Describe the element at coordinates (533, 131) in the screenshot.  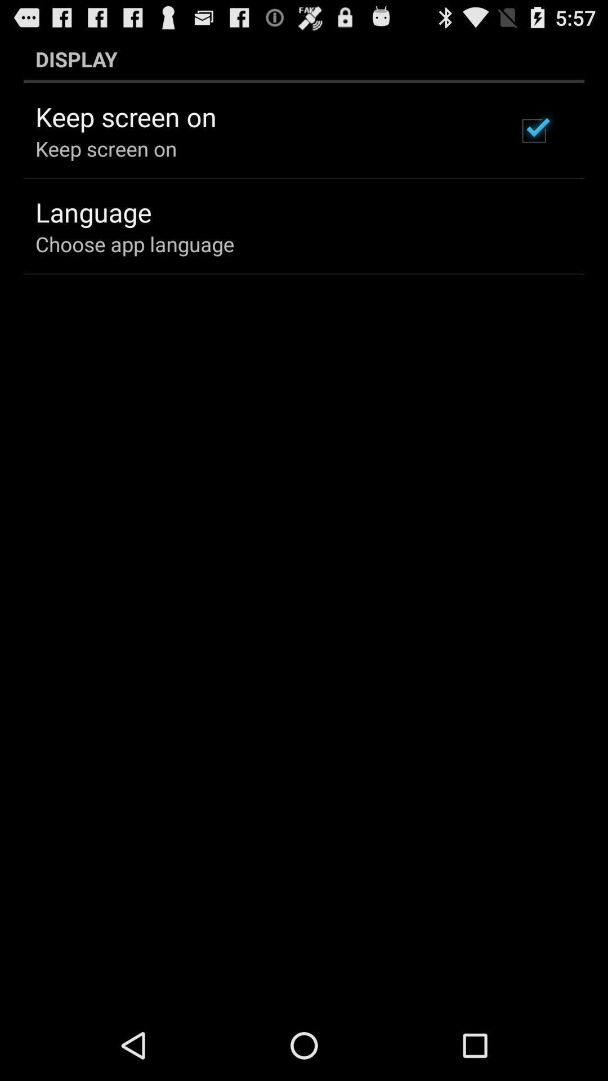
I see `item to the right of the keep screen on` at that location.